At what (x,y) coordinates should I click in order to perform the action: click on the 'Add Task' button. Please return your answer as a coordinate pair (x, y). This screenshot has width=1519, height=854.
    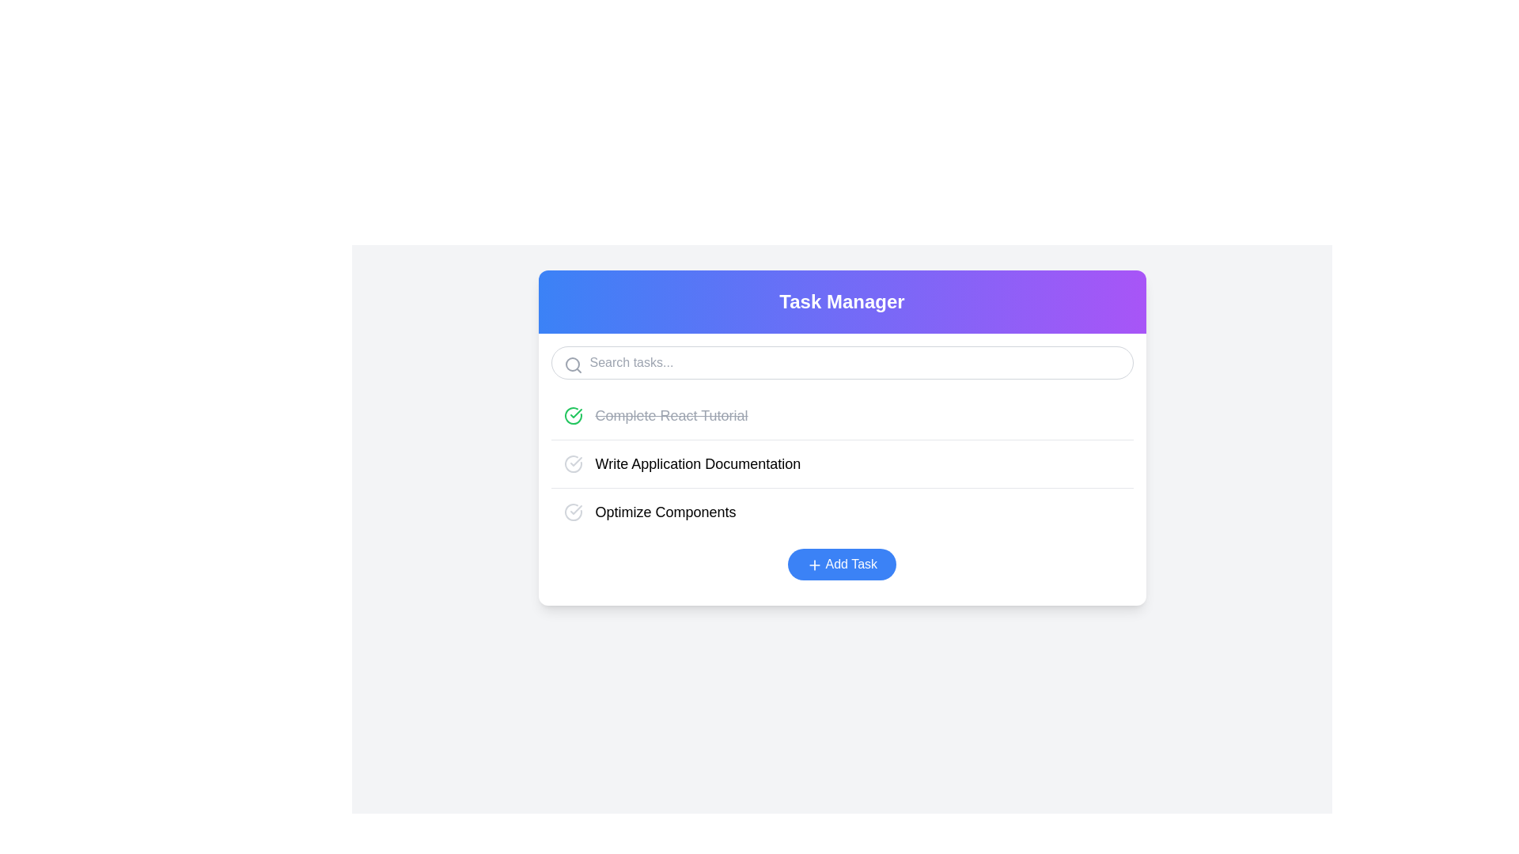
    Looking at the image, I should click on (841, 563).